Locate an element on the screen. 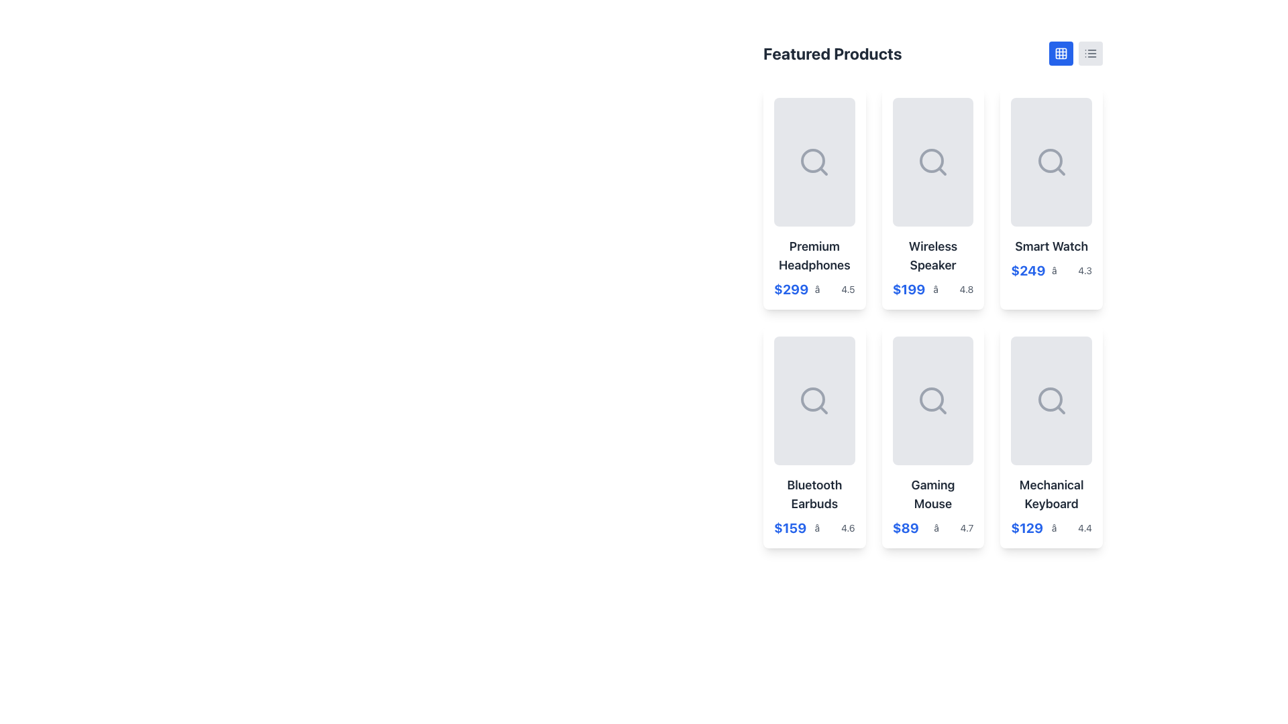 The height and width of the screenshot is (724, 1288). the search icon located in the center of the third card in the top row of the grid layout under the 'Featured Products' section is located at coordinates (1060, 170).